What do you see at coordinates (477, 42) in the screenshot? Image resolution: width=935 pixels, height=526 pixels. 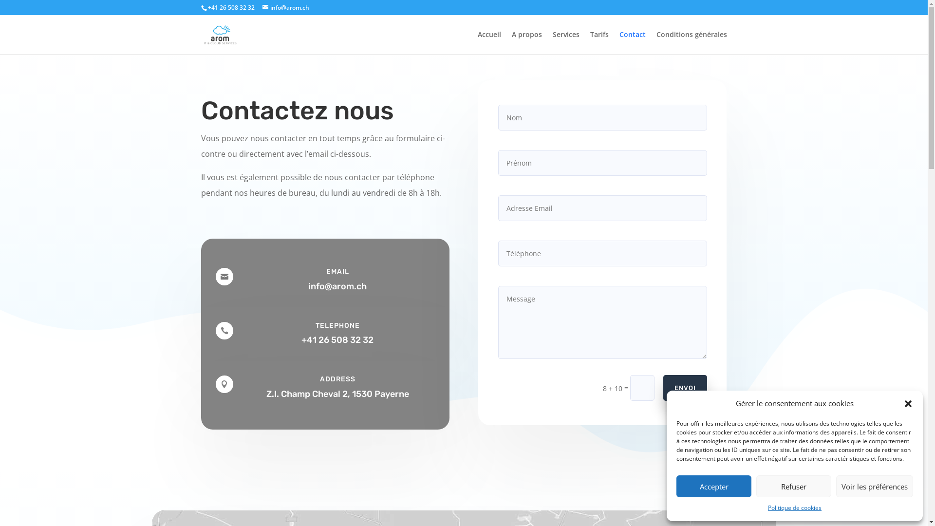 I see `'Accueil'` at bounding box center [477, 42].